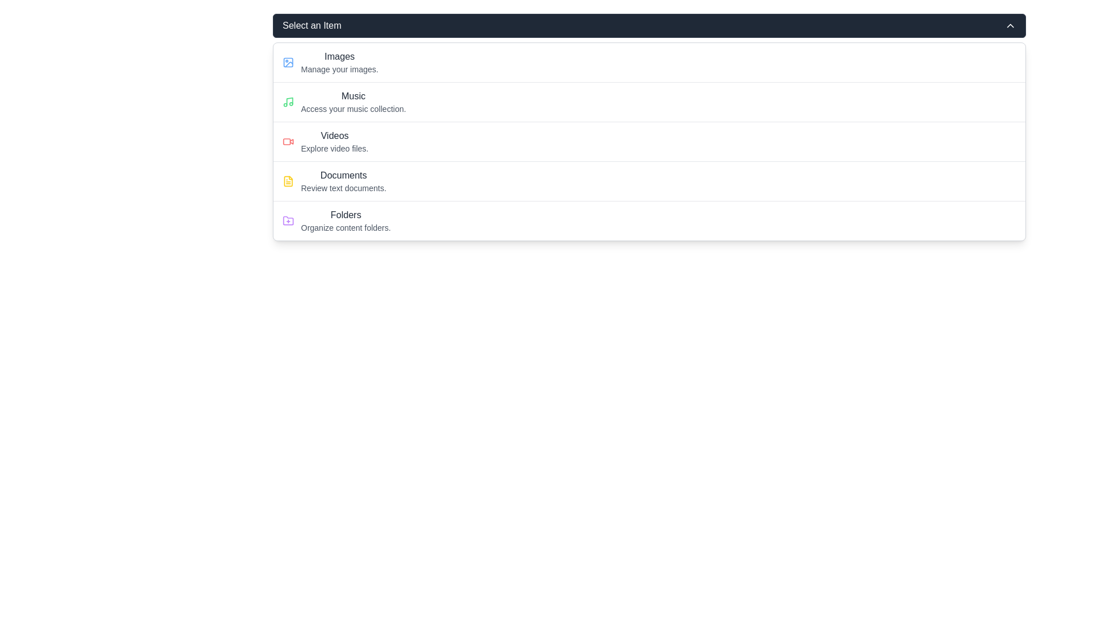  Describe the element at coordinates (288, 181) in the screenshot. I see `the 'Documents' category icon, which is the fourth item in the vertical dropdown menu, for visual identification` at that location.